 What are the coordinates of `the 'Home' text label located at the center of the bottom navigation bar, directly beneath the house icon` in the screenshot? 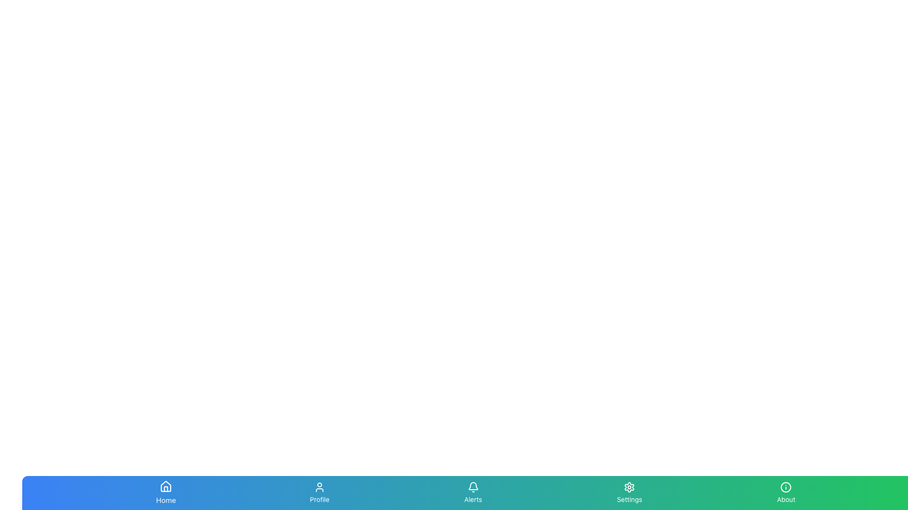 It's located at (166, 500).